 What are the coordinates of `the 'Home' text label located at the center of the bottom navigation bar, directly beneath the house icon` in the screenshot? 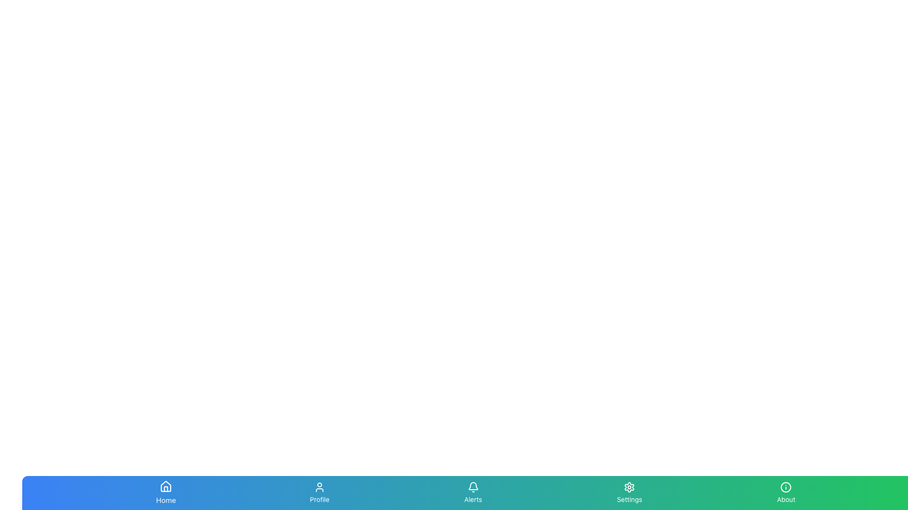 It's located at (166, 500).